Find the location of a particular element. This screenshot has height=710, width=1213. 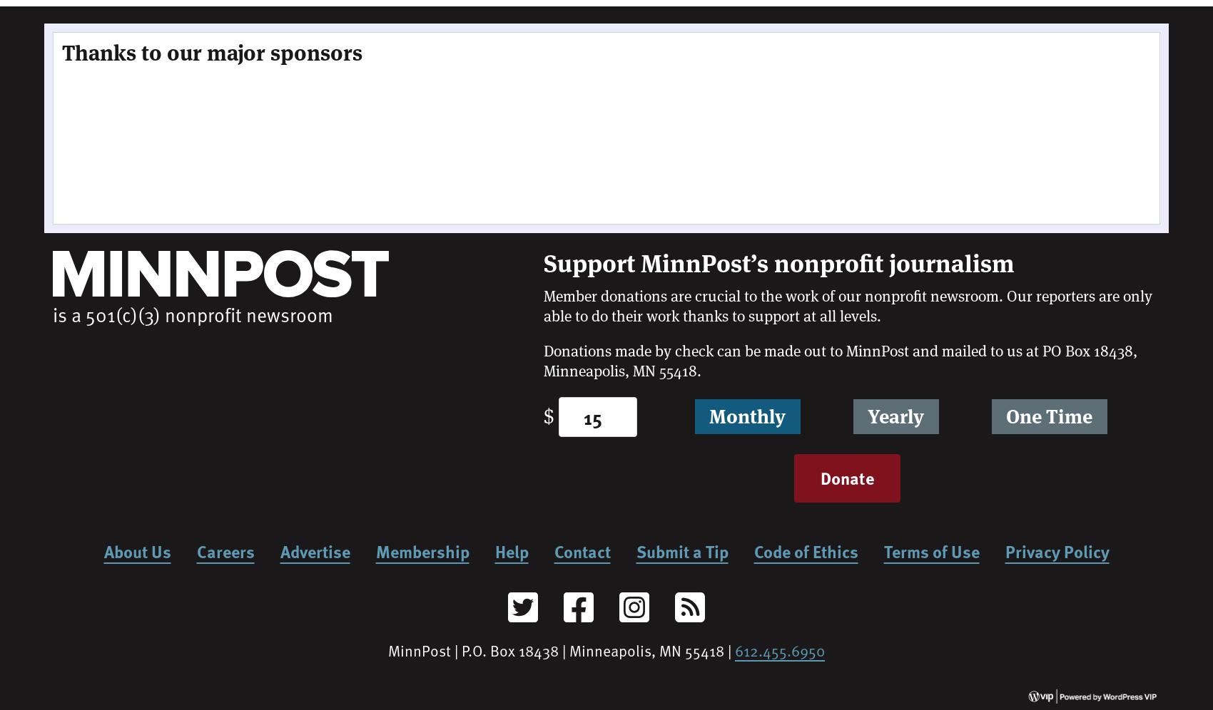

'Privacy Policy' is located at coordinates (1056, 550).